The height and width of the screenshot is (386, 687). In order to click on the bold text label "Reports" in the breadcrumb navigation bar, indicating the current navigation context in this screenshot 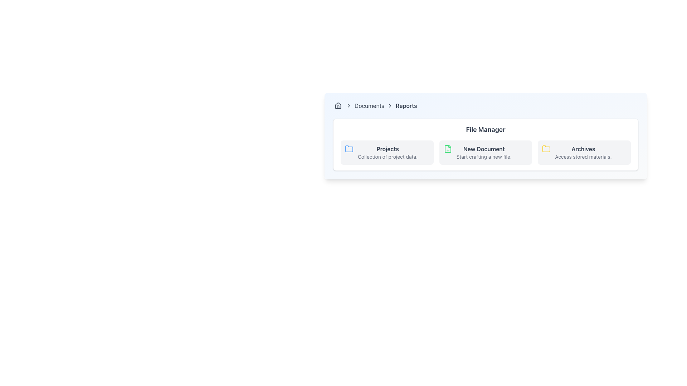, I will do `click(406, 106)`.